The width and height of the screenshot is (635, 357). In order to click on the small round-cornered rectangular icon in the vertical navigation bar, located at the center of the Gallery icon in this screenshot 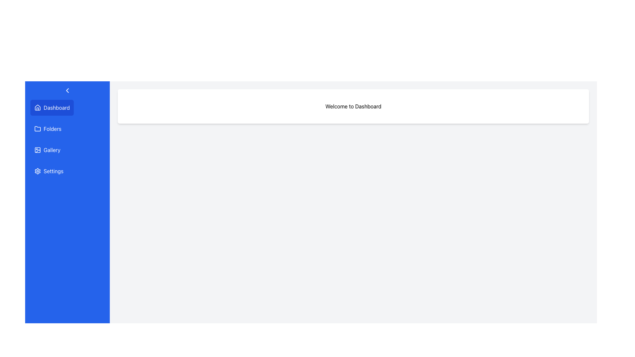, I will do `click(37, 150)`.